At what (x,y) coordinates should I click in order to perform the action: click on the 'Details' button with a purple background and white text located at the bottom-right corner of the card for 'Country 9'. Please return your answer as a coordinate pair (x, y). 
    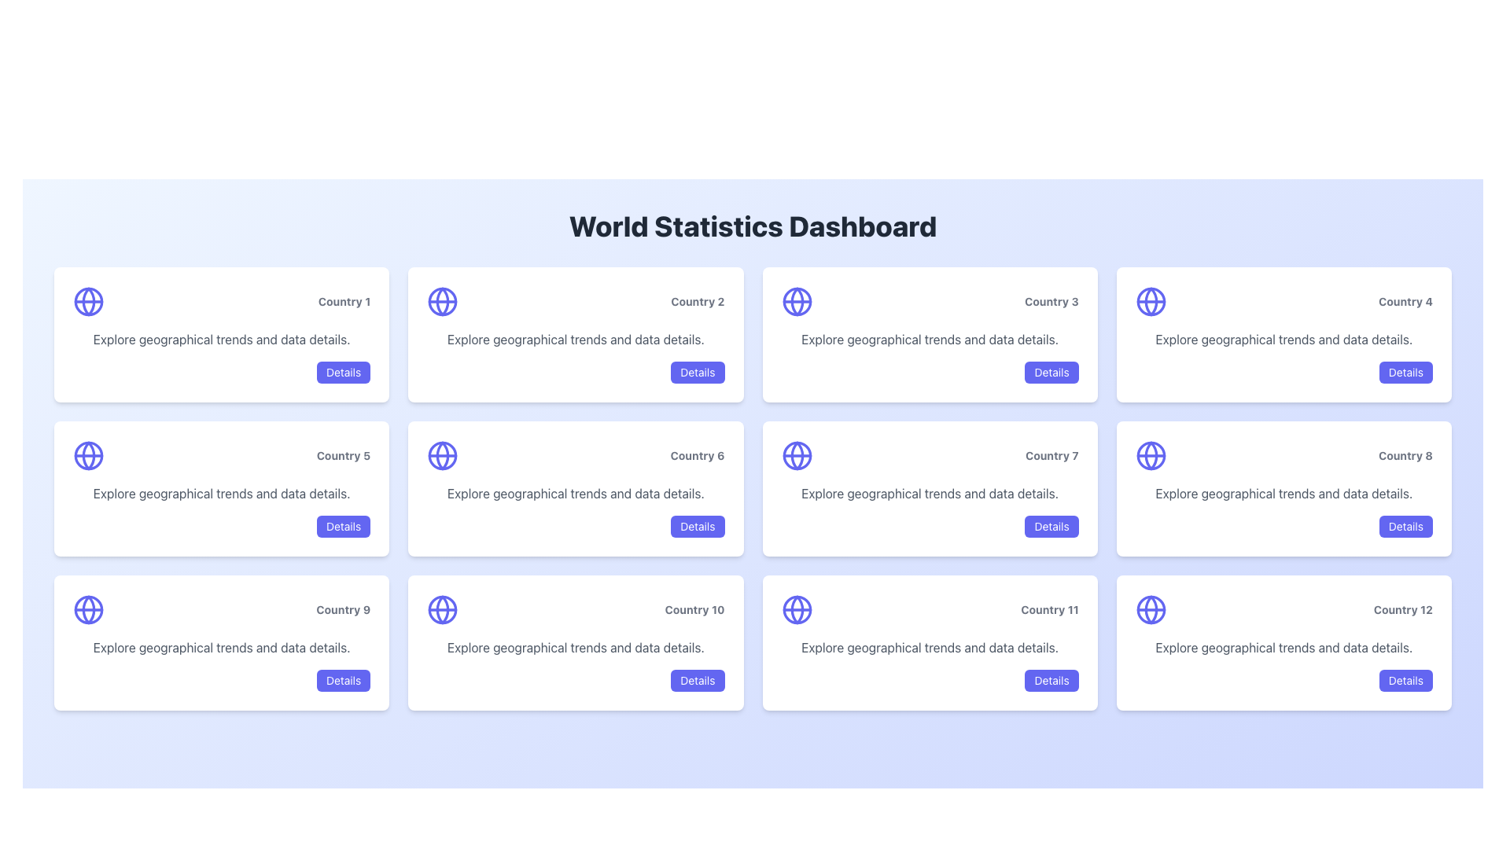
    Looking at the image, I should click on (343, 680).